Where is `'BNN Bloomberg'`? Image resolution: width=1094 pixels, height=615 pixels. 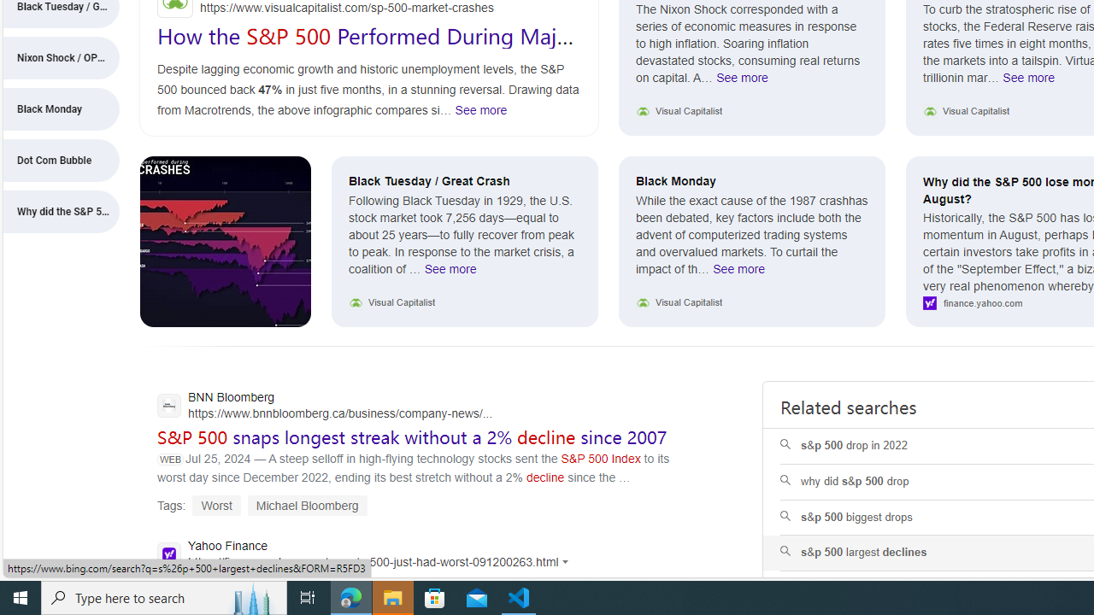 'BNN Bloomberg' is located at coordinates (325, 407).